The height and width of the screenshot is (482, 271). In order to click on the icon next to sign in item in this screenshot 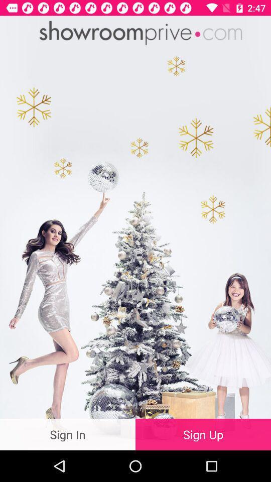, I will do `click(203, 434)`.